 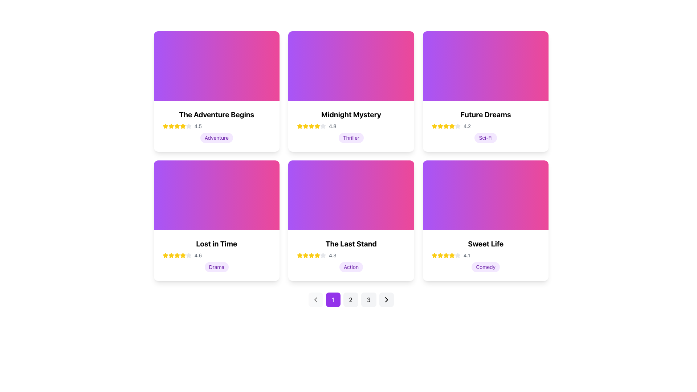 What do you see at coordinates (177, 126) in the screenshot?
I see `the fourth star icon in the rating system located underneath the card titled 'The Adventure Begins'` at bounding box center [177, 126].